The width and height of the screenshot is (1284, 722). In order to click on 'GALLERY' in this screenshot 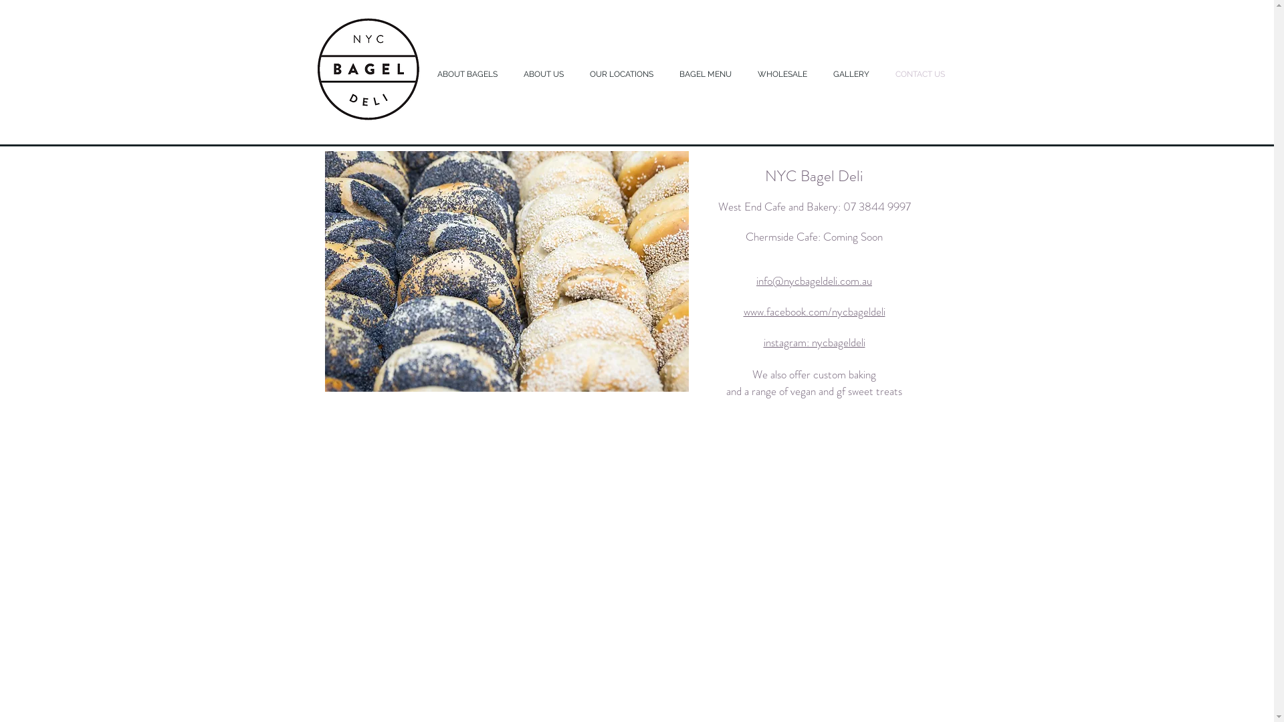, I will do `click(853, 74)`.